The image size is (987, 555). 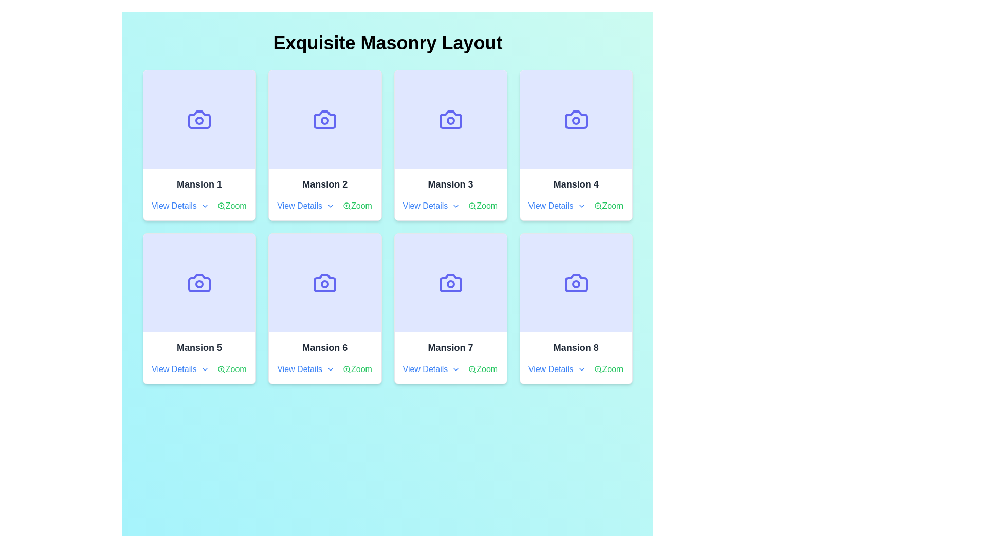 What do you see at coordinates (324, 119) in the screenshot?
I see `the decorative camera icon's main body, which is part of the 'Mansion 2' card and located in the first row, second position of the grid layout` at bounding box center [324, 119].